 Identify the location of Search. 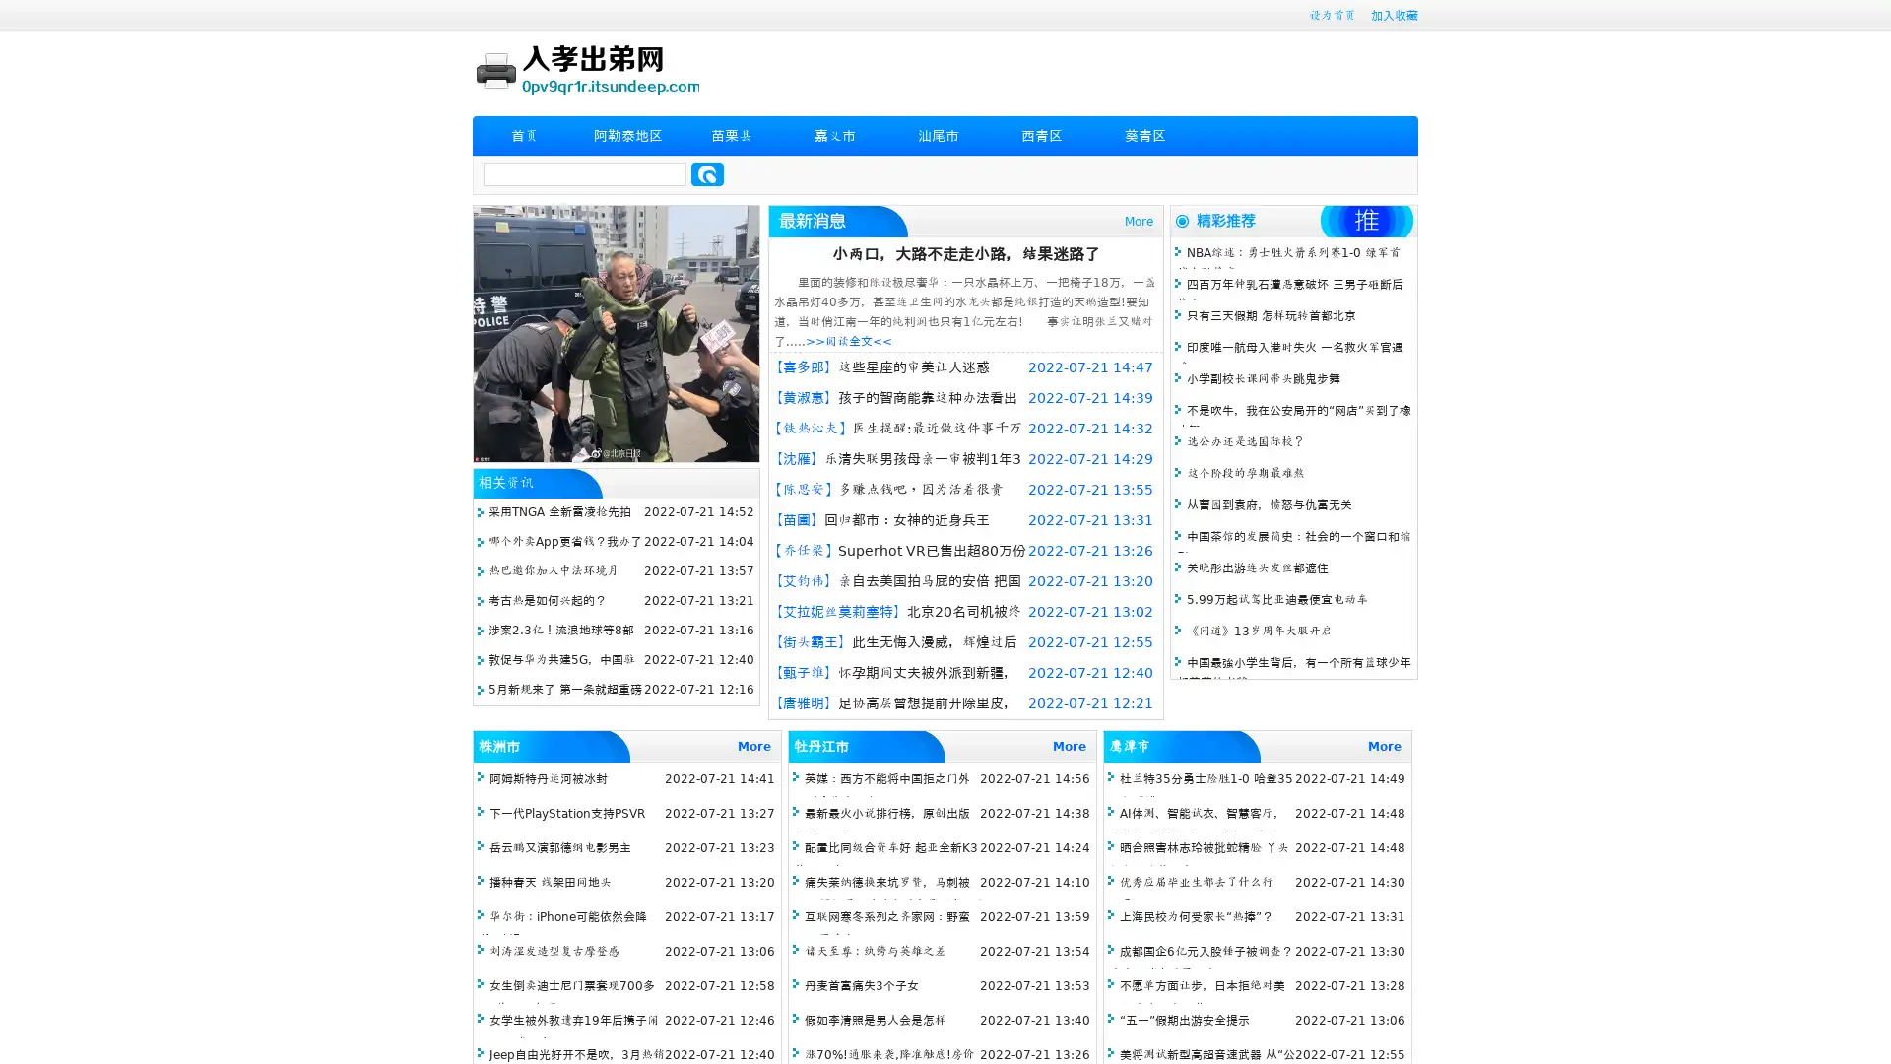
(707, 173).